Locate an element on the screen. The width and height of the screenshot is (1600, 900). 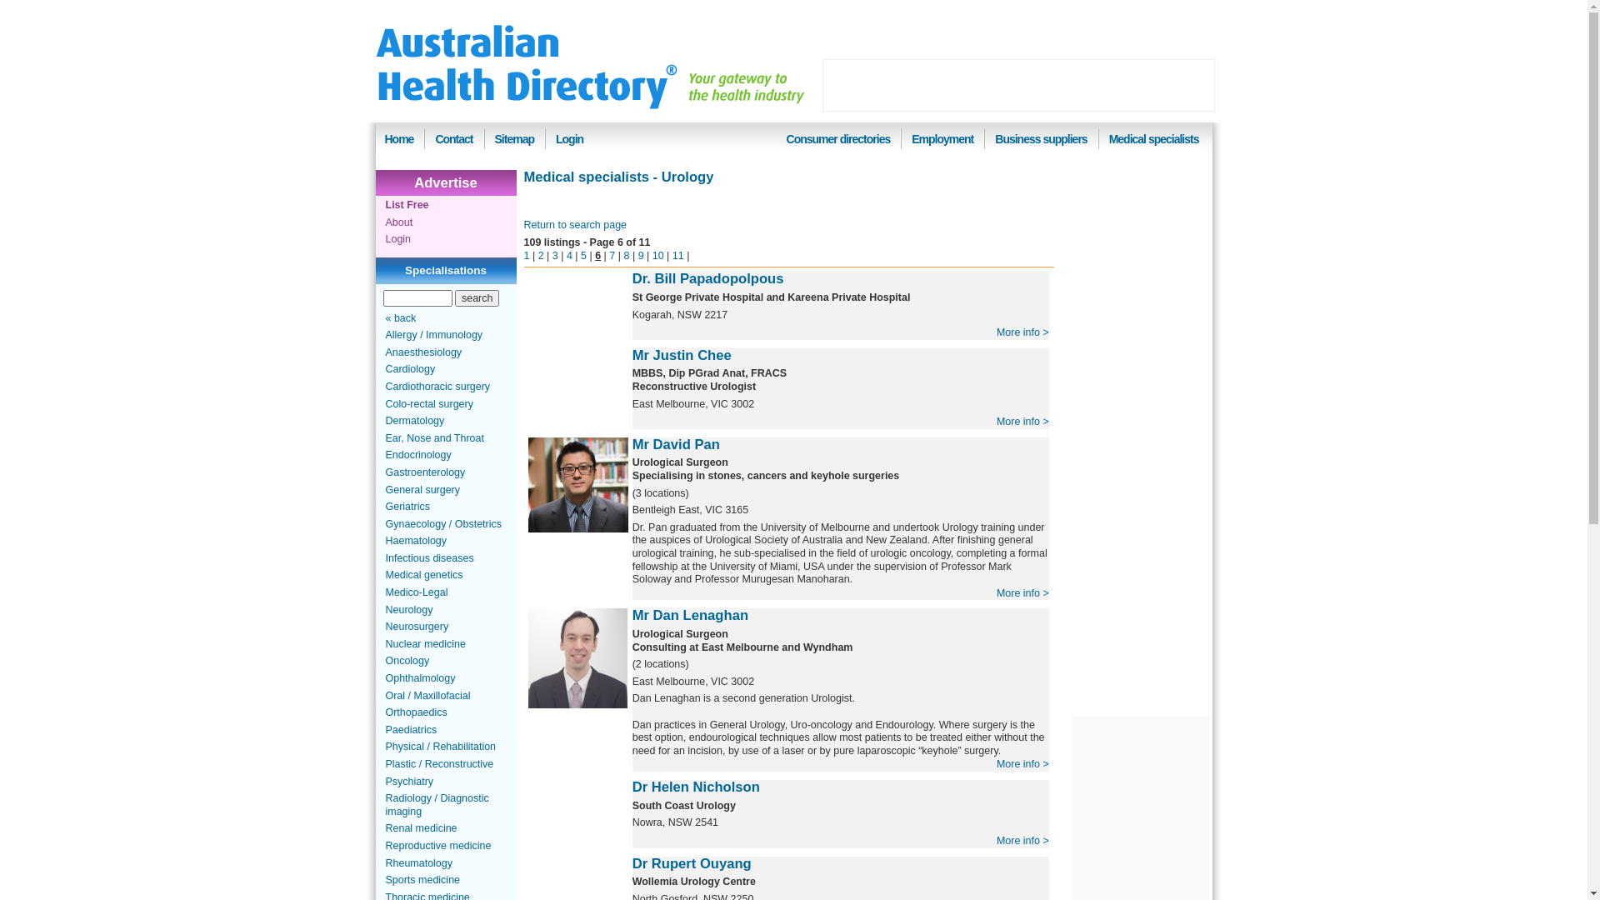
'Reproductive medicine' is located at coordinates (437, 845).